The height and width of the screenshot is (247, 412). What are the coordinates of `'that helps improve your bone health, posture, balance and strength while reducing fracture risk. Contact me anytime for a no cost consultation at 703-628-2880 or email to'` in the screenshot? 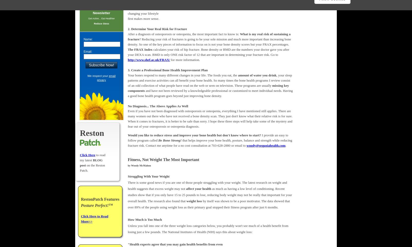 It's located at (210, 143).